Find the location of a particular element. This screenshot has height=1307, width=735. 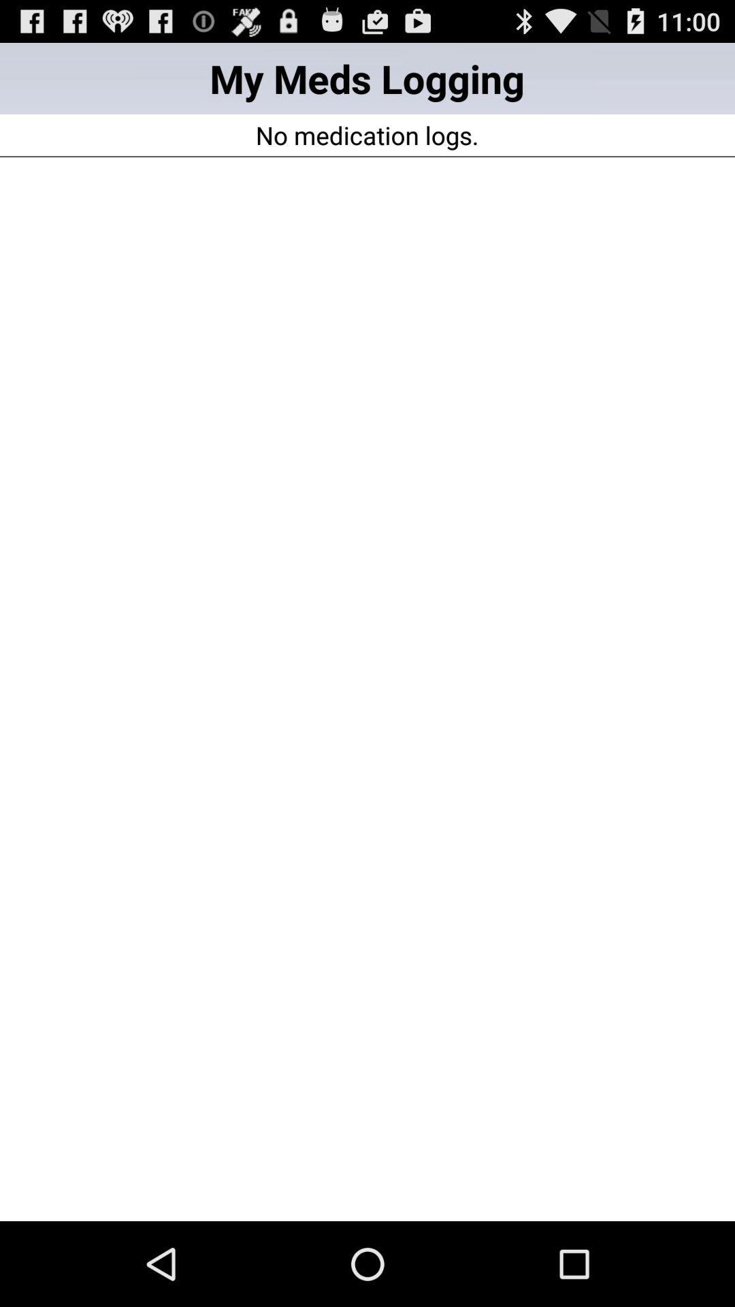

no medication logs. item is located at coordinates (366, 135).